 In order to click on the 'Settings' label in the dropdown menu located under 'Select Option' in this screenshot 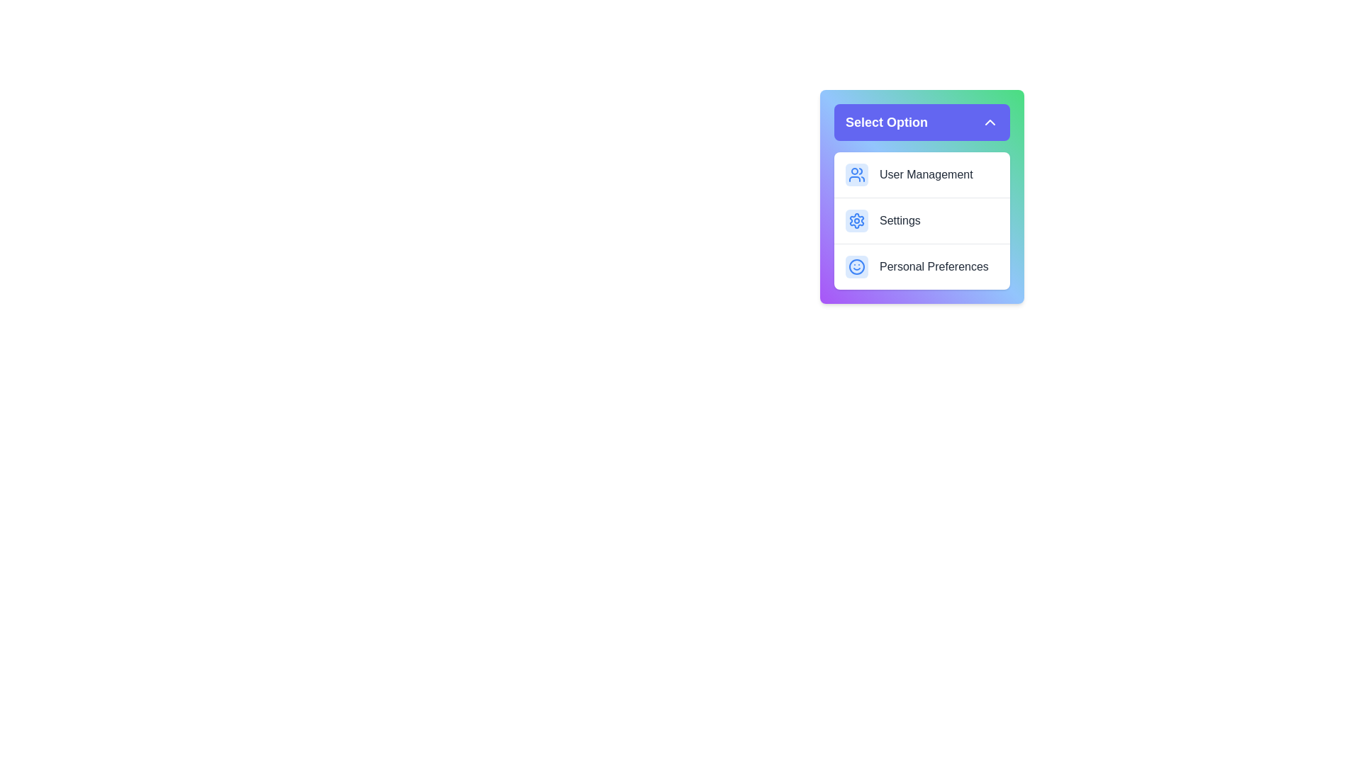, I will do `click(899, 221)`.